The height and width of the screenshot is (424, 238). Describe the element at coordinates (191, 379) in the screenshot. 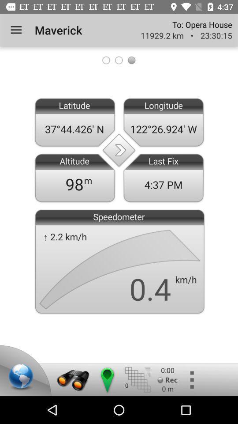

I see `click settings` at that location.